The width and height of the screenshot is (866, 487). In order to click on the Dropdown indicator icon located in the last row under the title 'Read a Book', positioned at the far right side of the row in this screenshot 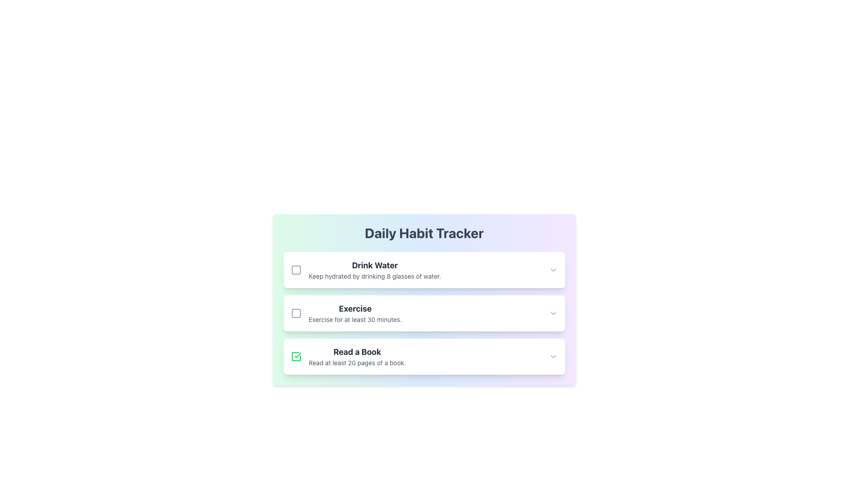, I will do `click(553, 356)`.